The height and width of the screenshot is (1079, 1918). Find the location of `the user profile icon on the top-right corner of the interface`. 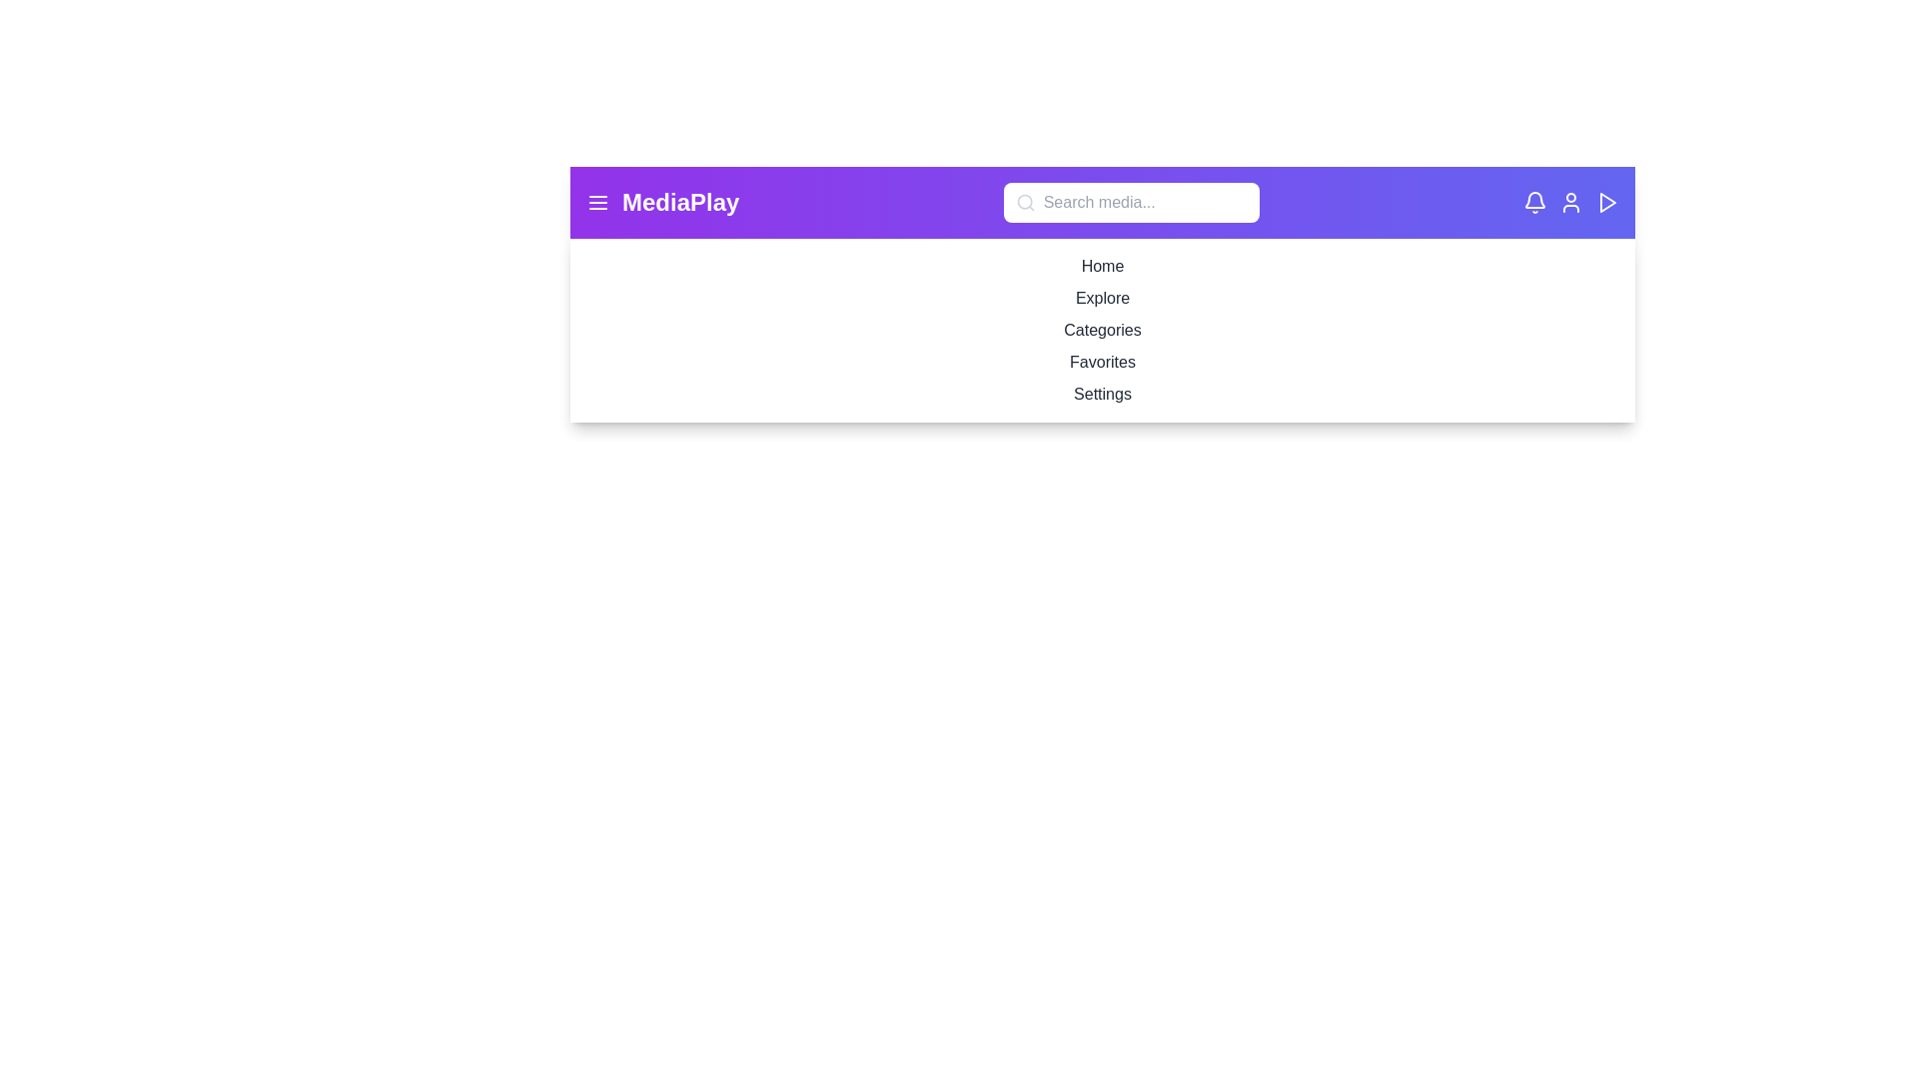

the user profile icon on the top-right corner of the interface is located at coordinates (1570, 203).